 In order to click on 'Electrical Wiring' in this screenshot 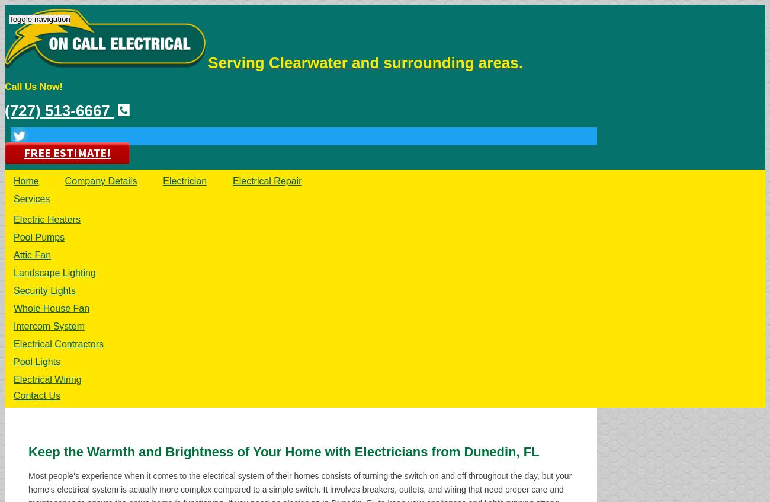, I will do `click(47, 379)`.